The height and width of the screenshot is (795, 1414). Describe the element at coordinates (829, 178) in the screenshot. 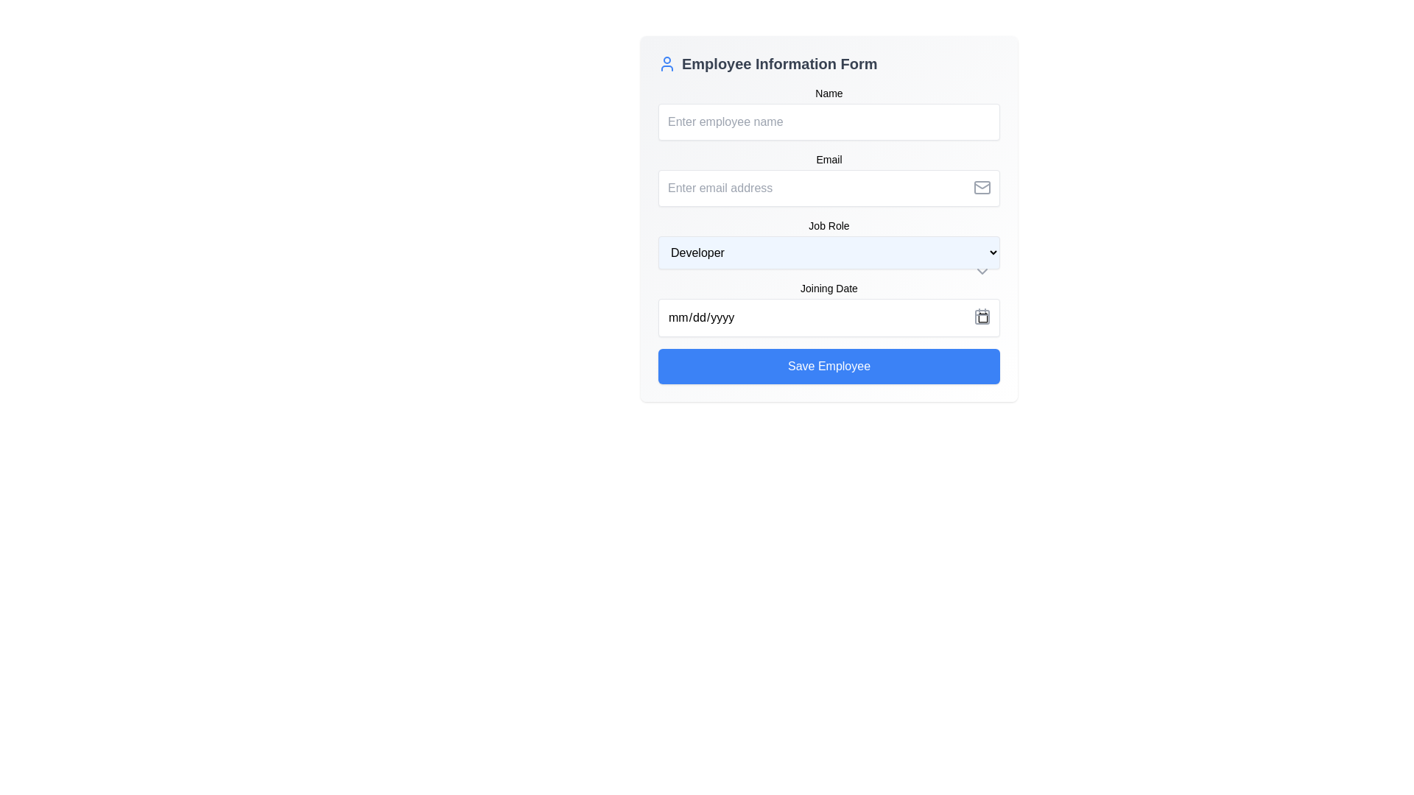

I see `inside the labeled input field for email entry, which is located below the 'Name' input field and above the 'Job Role' dropdown, to type an email address` at that location.